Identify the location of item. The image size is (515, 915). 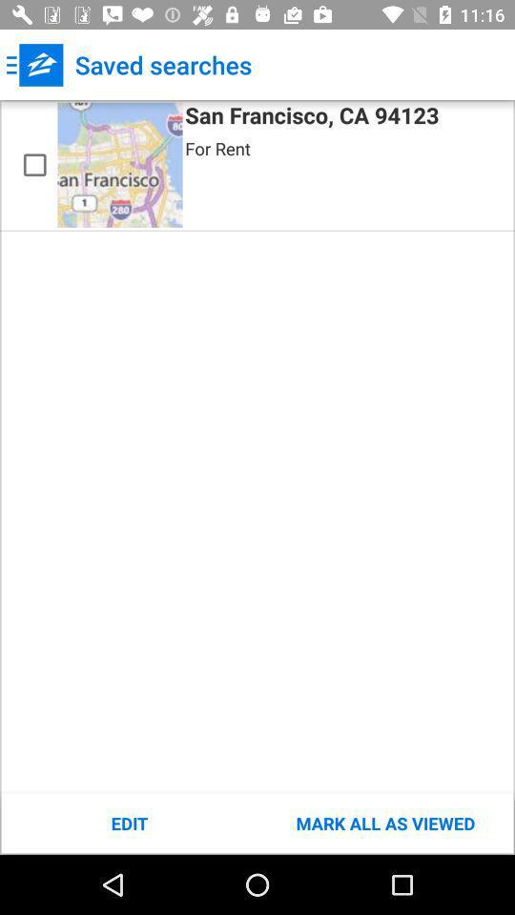
(34, 164).